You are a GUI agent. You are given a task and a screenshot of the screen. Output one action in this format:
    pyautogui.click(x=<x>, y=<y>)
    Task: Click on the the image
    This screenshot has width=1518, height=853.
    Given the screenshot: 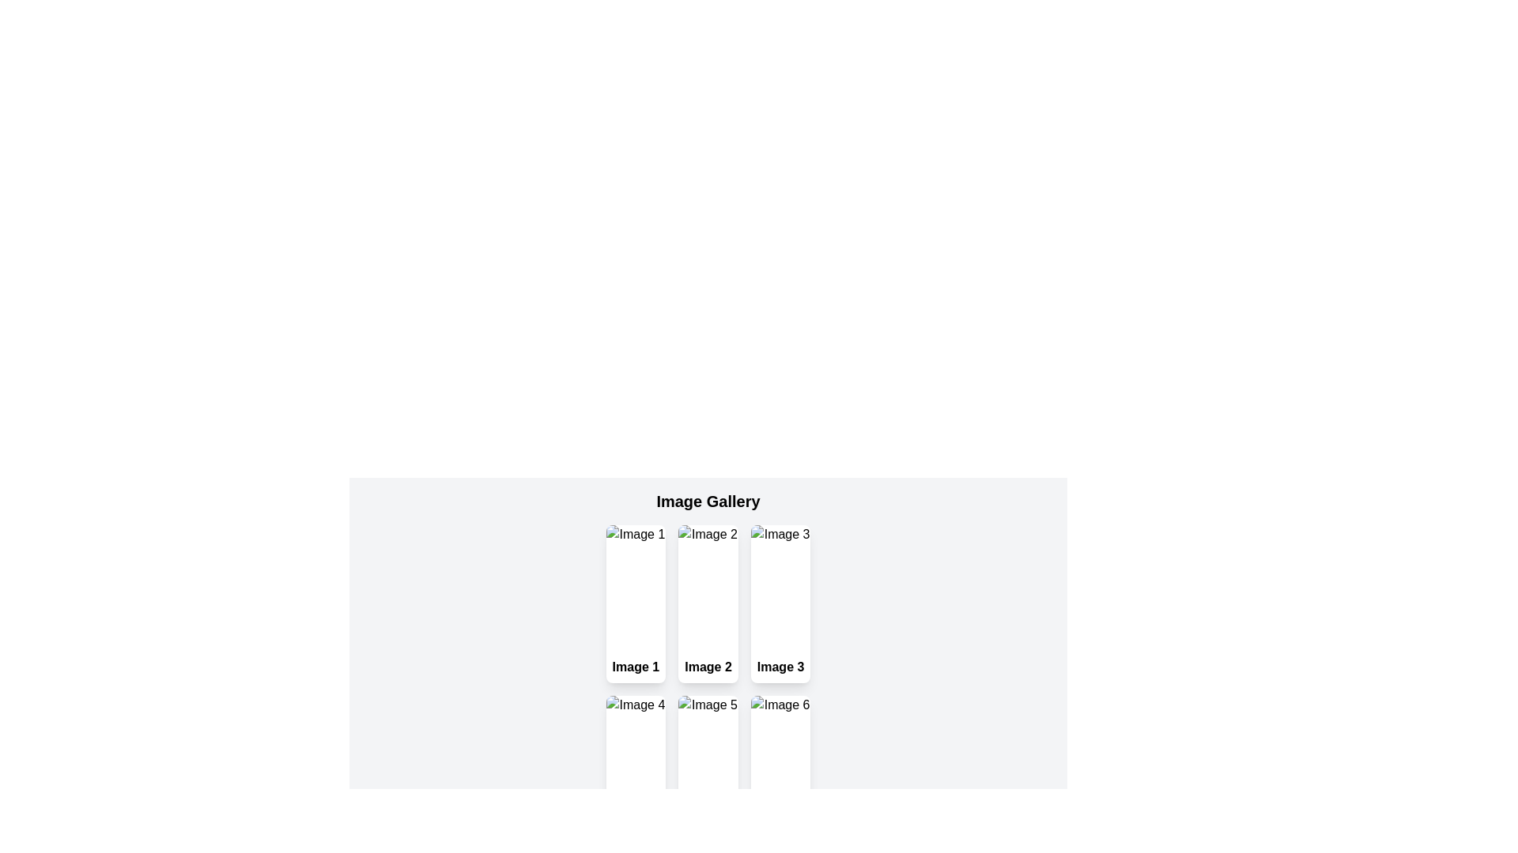 What is the action you would take?
    pyautogui.click(x=780, y=757)
    